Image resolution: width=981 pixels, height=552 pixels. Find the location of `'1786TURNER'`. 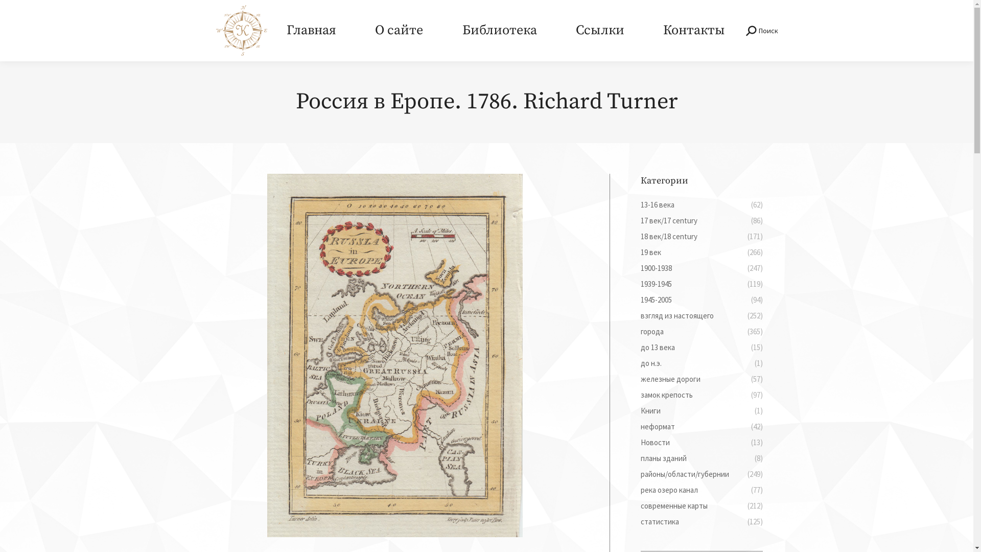

'1786TURNER' is located at coordinates (394, 355).